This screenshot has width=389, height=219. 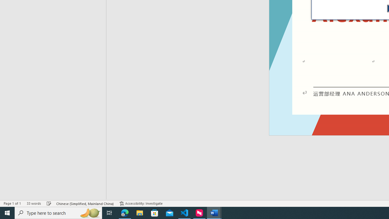 What do you see at coordinates (49, 203) in the screenshot?
I see `'Spelling and Grammar Check Checking'` at bounding box center [49, 203].